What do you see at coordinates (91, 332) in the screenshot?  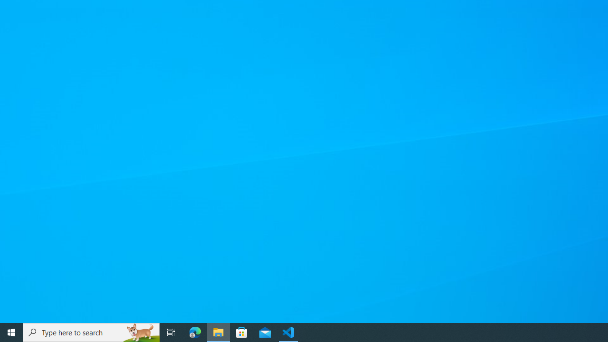 I see `'Type here to search'` at bounding box center [91, 332].